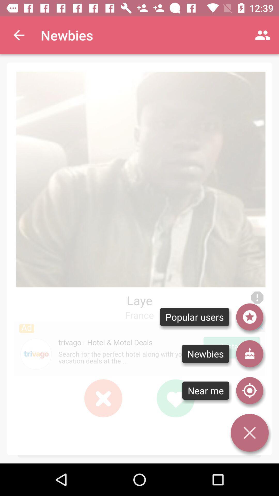  What do you see at coordinates (103, 398) in the screenshot?
I see `the close icon` at bounding box center [103, 398].